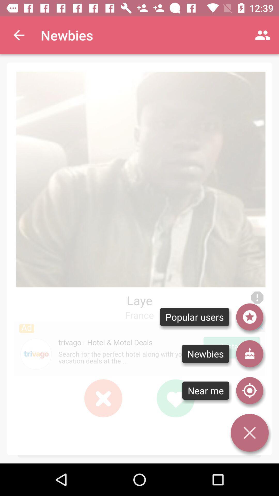  What do you see at coordinates (103, 398) in the screenshot?
I see `the close icon` at bounding box center [103, 398].